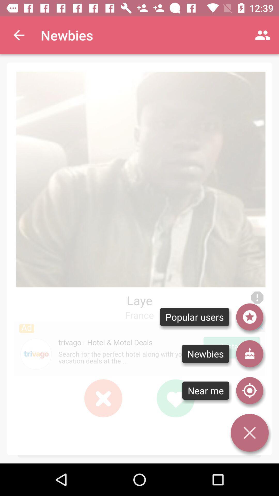  What do you see at coordinates (103, 398) in the screenshot?
I see `the close icon` at bounding box center [103, 398].